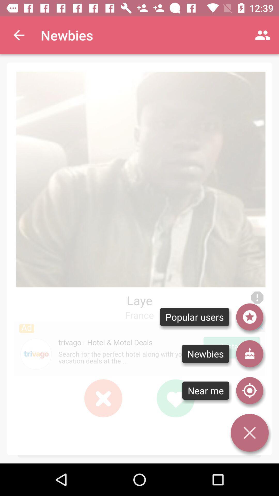  What do you see at coordinates (103, 398) in the screenshot?
I see `the close icon` at bounding box center [103, 398].